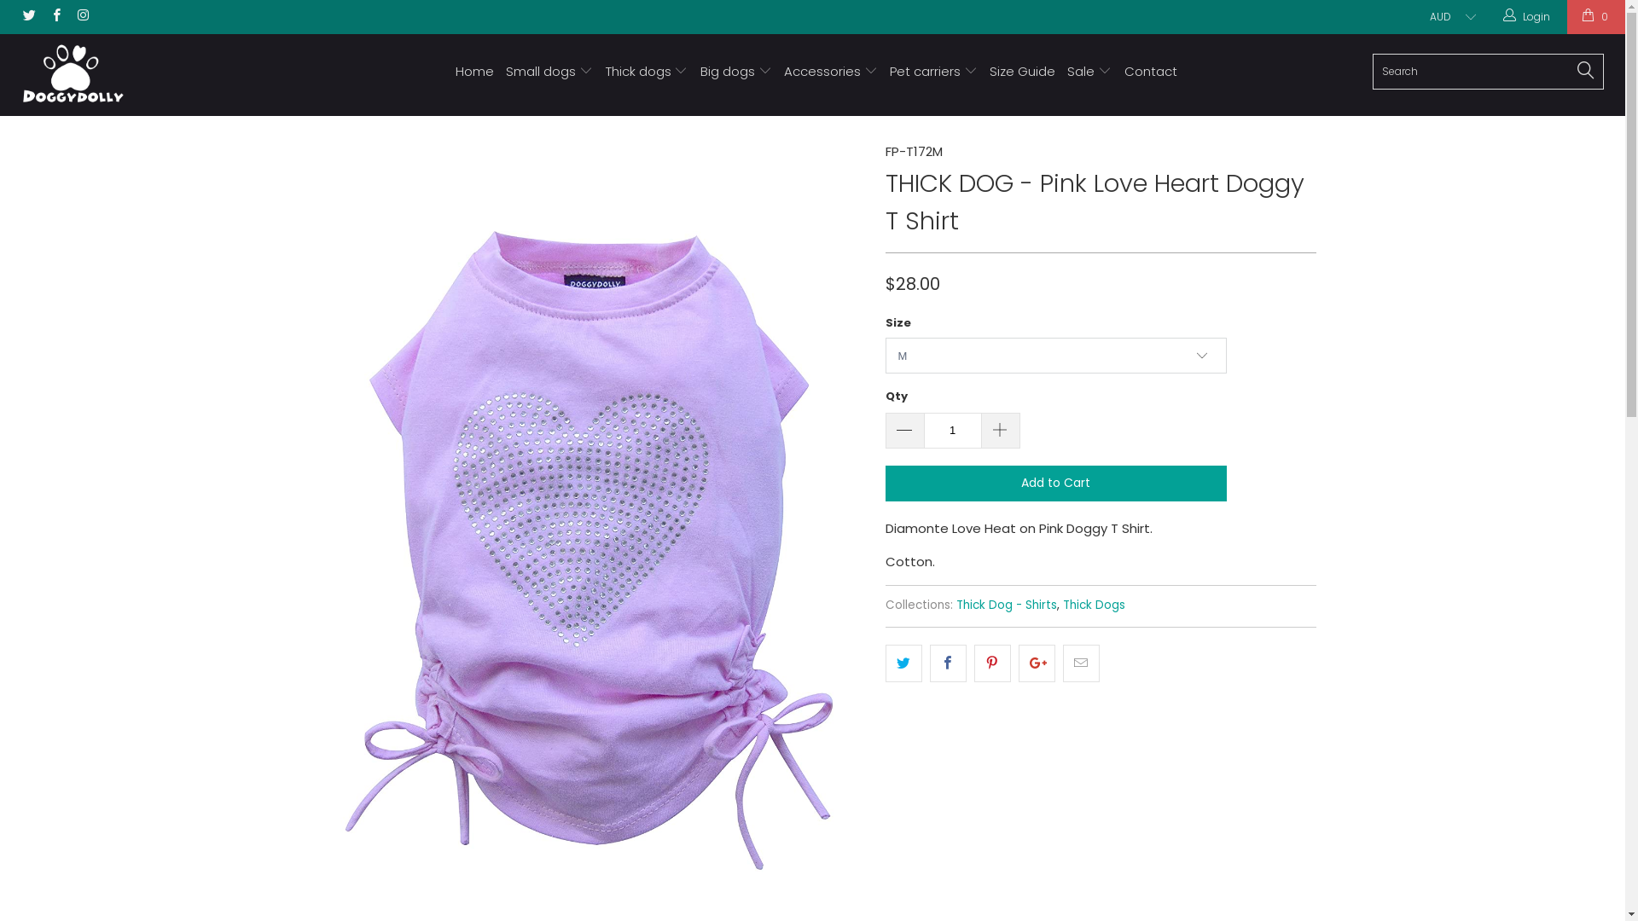 The height and width of the screenshot is (921, 1638). Describe the element at coordinates (831, 71) in the screenshot. I see `'Accessories'` at that location.